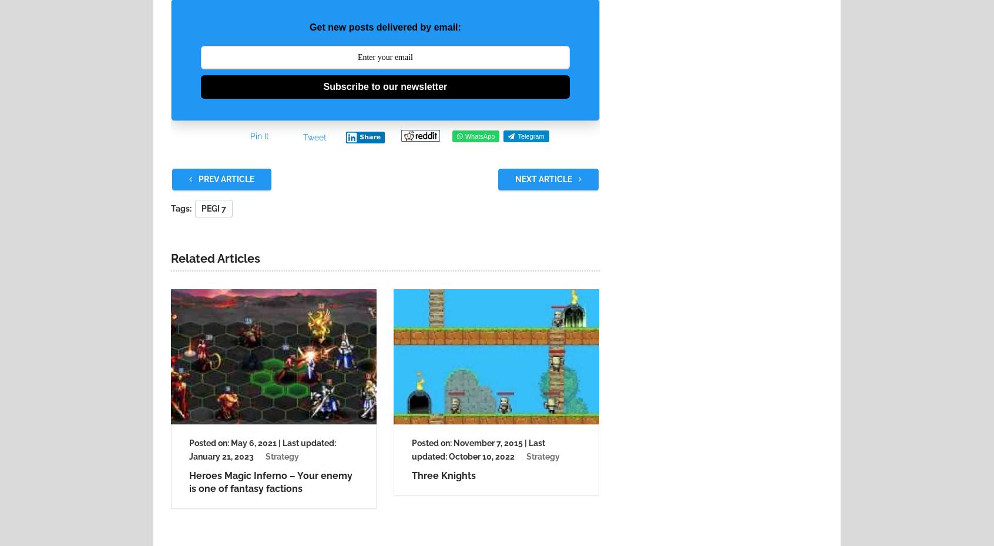 Image resolution: width=994 pixels, height=546 pixels. What do you see at coordinates (385, 86) in the screenshot?
I see `'Subscribe to our newsletter'` at bounding box center [385, 86].